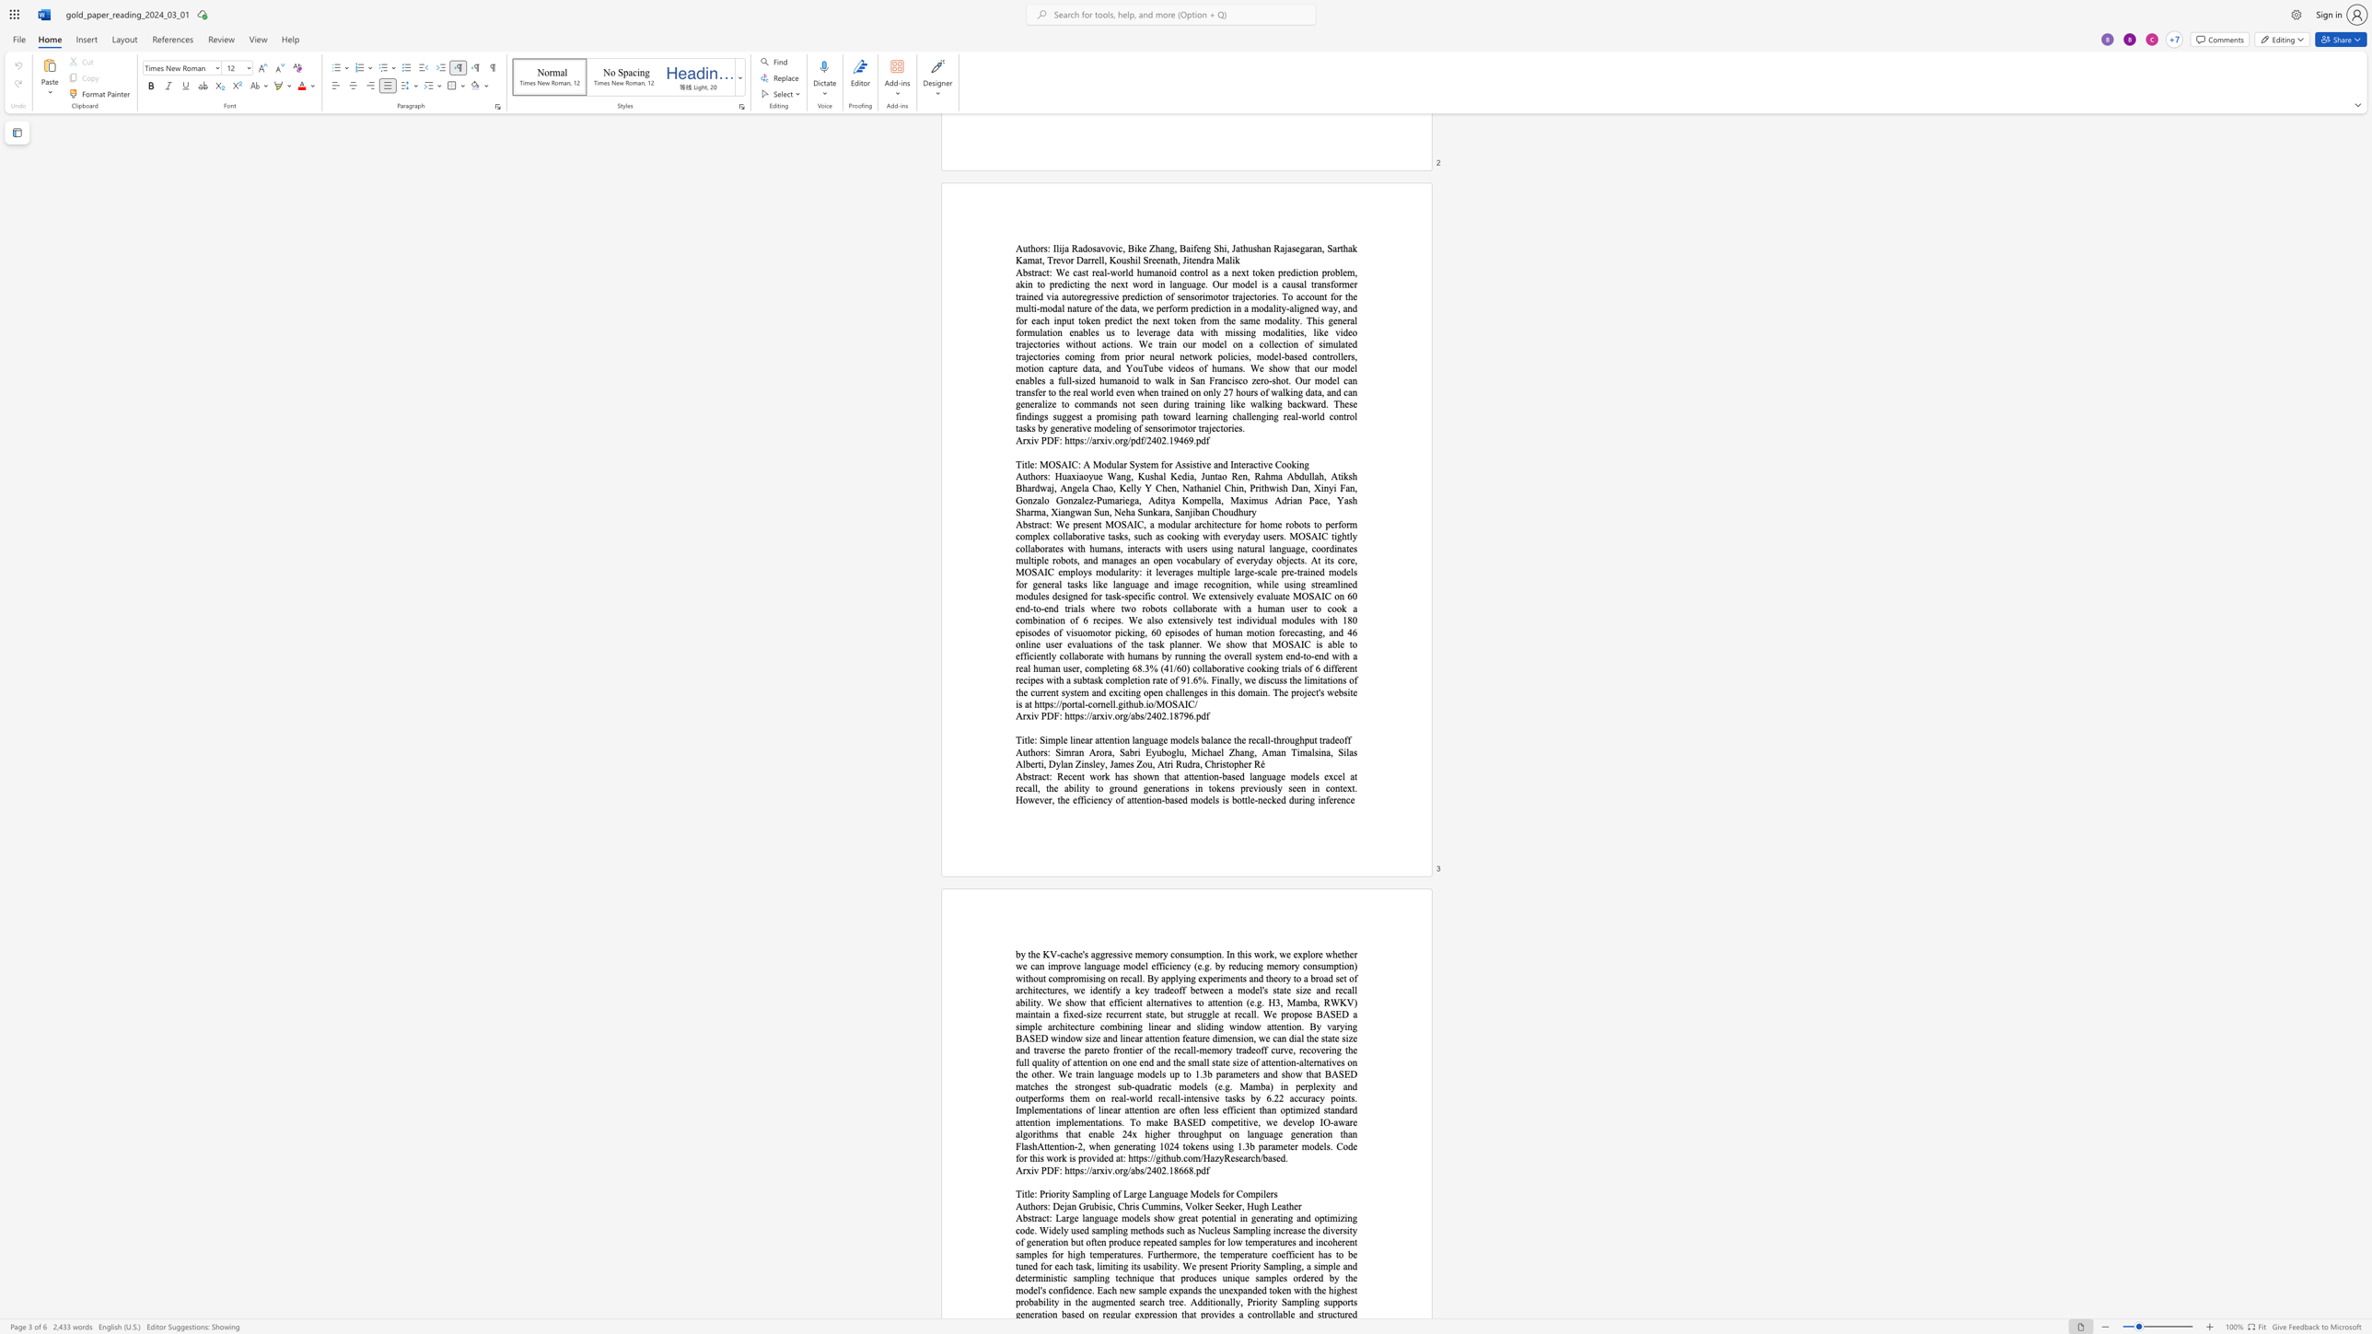  Describe the element at coordinates (1041, 776) in the screenshot. I see `the space between the continuous character "a" and "c" in the text` at that location.